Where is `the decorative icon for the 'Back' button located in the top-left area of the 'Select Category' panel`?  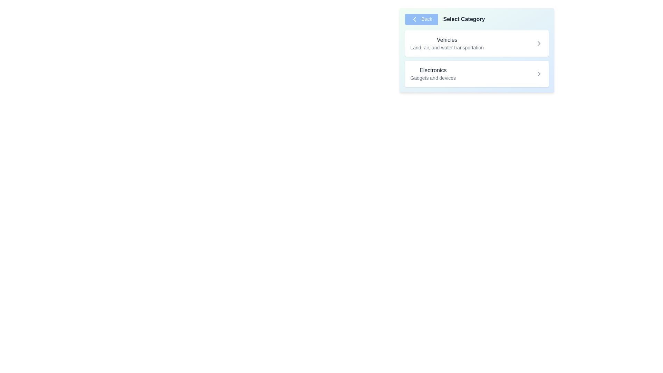
the decorative icon for the 'Back' button located in the top-left area of the 'Select Category' panel is located at coordinates (414, 19).